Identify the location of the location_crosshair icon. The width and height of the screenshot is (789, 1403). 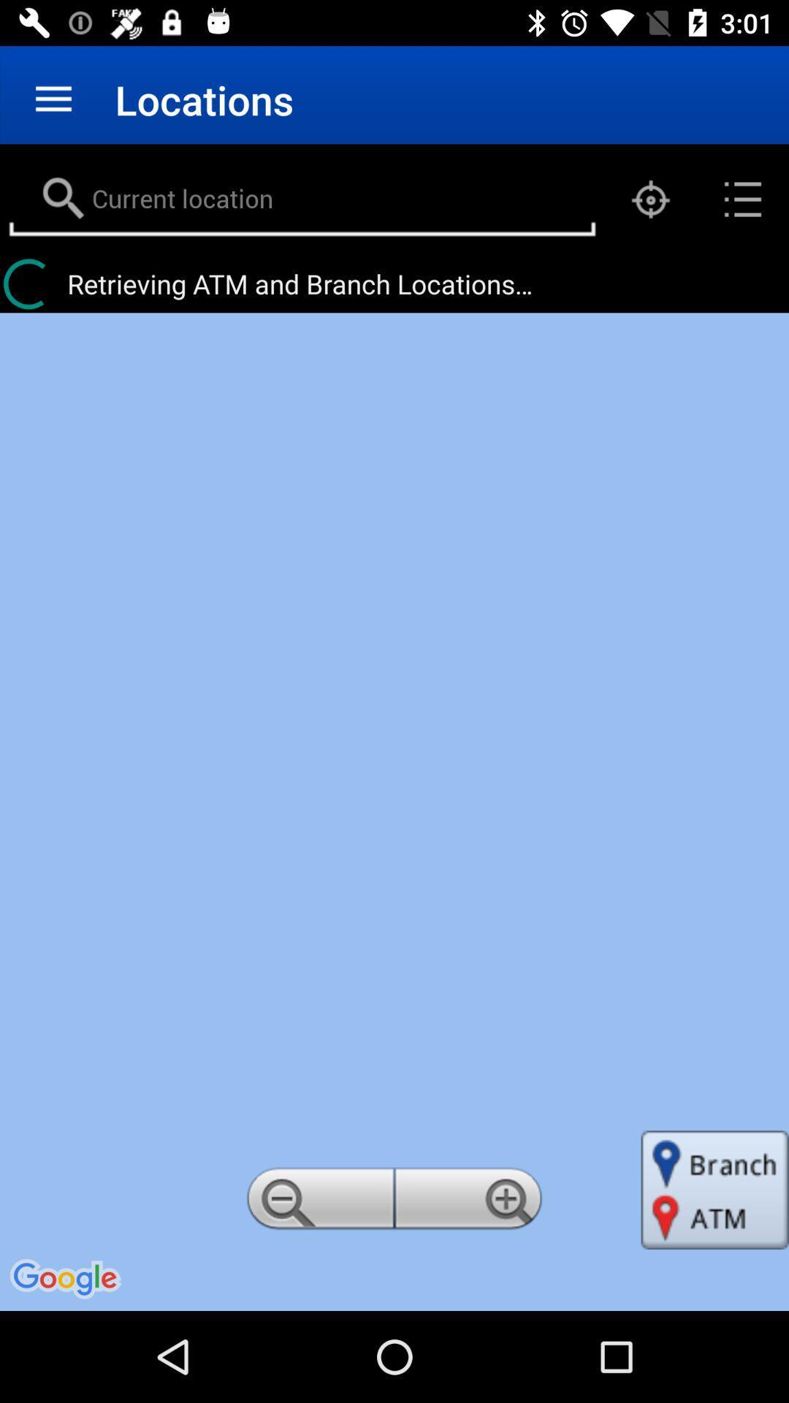
(650, 199).